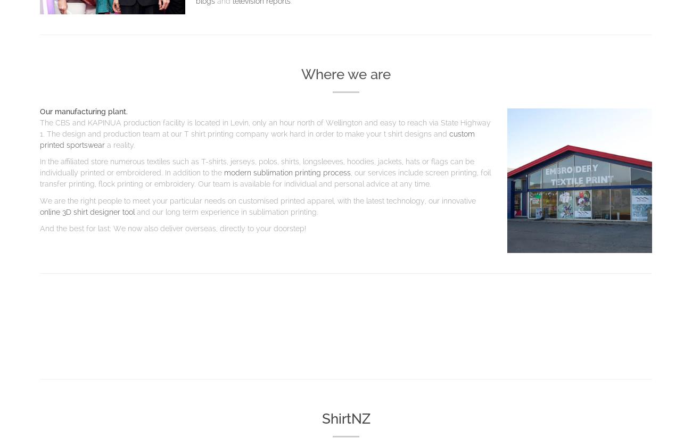 The height and width of the screenshot is (447, 692). What do you see at coordinates (265, 178) in the screenshot?
I see `', our services include screen printing, foil transfer printing, flock printing or embroidery. Our team is available for individual and personal advice at any time.'` at bounding box center [265, 178].